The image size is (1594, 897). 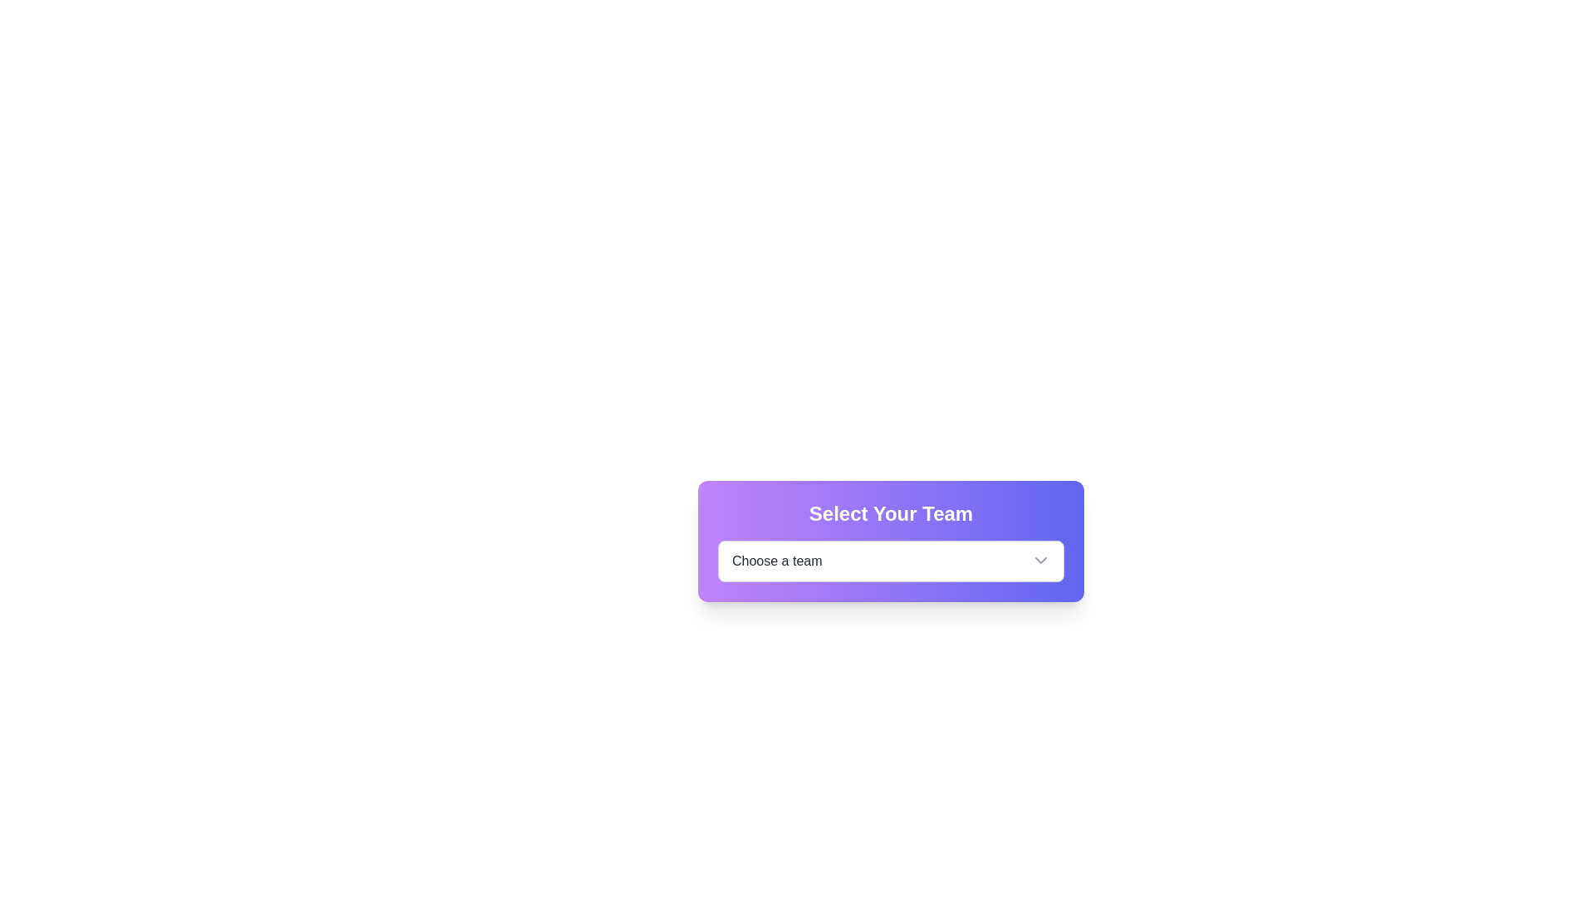 What do you see at coordinates (1039, 561) in the screenshot?
I see `the chevron icon at the rightmost part of the 'Choose a team' dropdown` at bounding box center [1039, 561].